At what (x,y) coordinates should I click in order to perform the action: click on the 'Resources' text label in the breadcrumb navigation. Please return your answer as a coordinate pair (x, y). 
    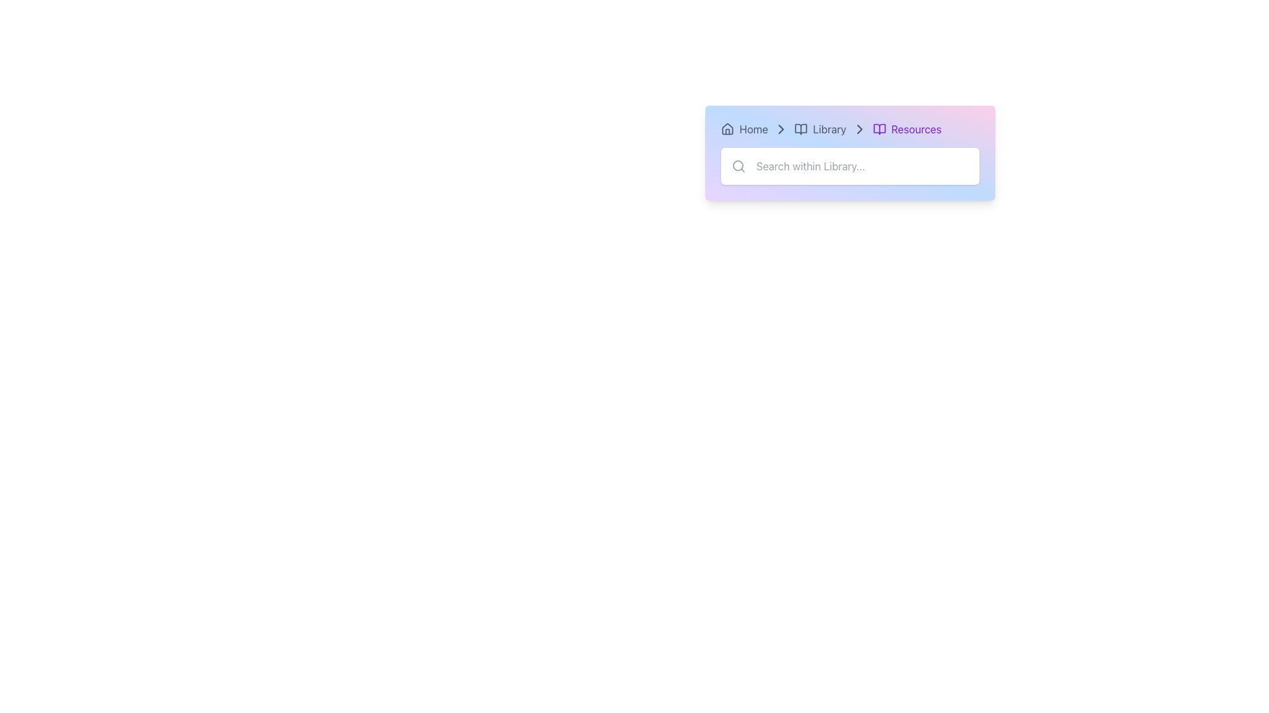
    Looking at the image, I should click on (906, 129).